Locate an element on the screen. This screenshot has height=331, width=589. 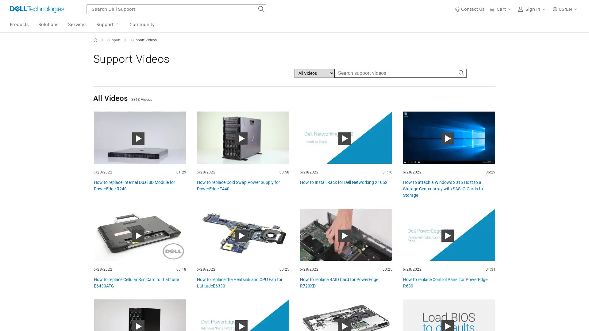
How to replace RAID Card for PowerEdge R720XD is located at coordinates (346, 283).